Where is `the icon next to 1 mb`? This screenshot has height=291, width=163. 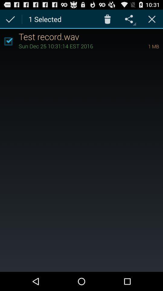
the icon next to 1 mb is located at coordinates (75, 45).